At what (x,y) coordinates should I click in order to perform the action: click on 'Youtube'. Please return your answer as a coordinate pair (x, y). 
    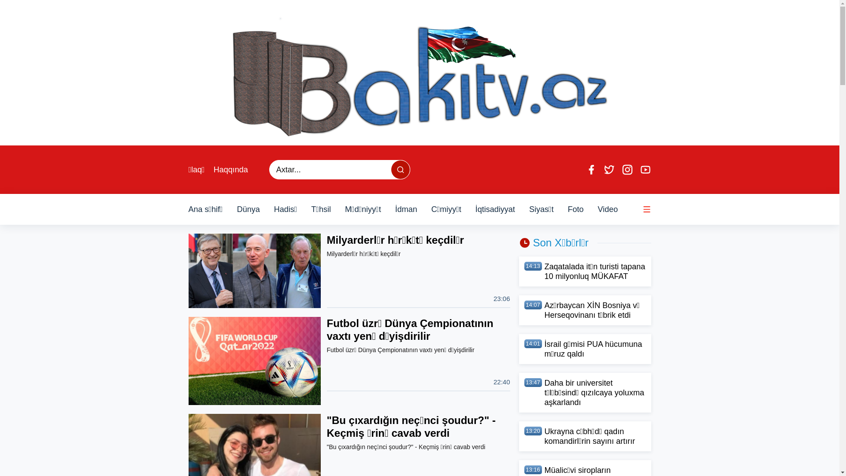
    Looking at the image, I should click on (645, 170).